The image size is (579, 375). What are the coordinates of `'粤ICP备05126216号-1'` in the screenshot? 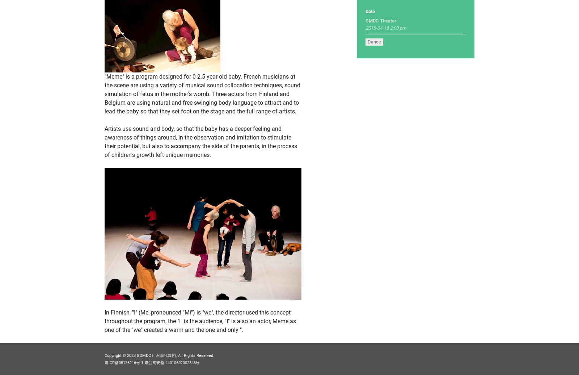 It's located at (104, 362).